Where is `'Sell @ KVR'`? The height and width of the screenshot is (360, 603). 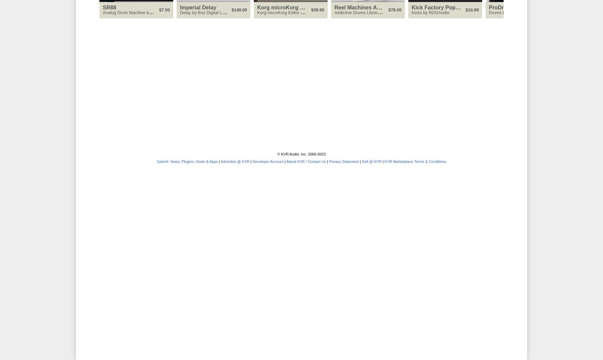
'Sell @ KVR' is located at coordinates (371, 161).